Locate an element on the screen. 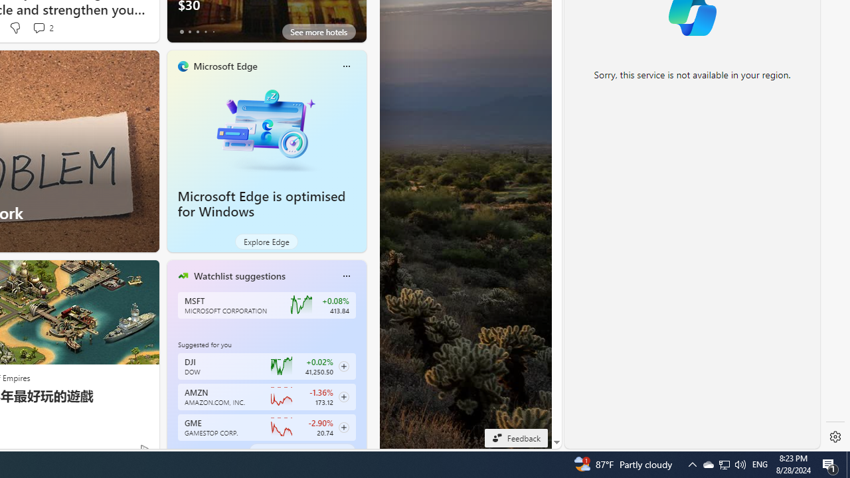 The width and height of the screenshot is (850, 478). 'tab-1' is located at coordinates (189, 451).